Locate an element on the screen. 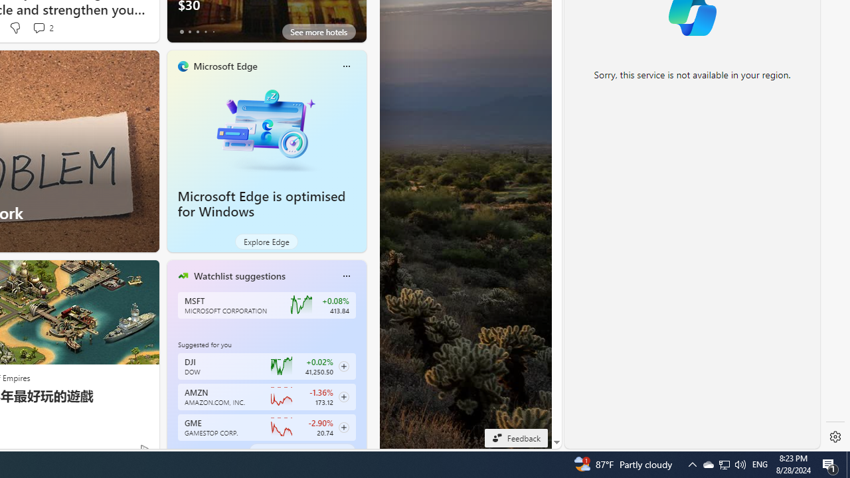 The width and height of the screenshot is (850, 478). 'tab-1' is located at coordinates (189, 451).